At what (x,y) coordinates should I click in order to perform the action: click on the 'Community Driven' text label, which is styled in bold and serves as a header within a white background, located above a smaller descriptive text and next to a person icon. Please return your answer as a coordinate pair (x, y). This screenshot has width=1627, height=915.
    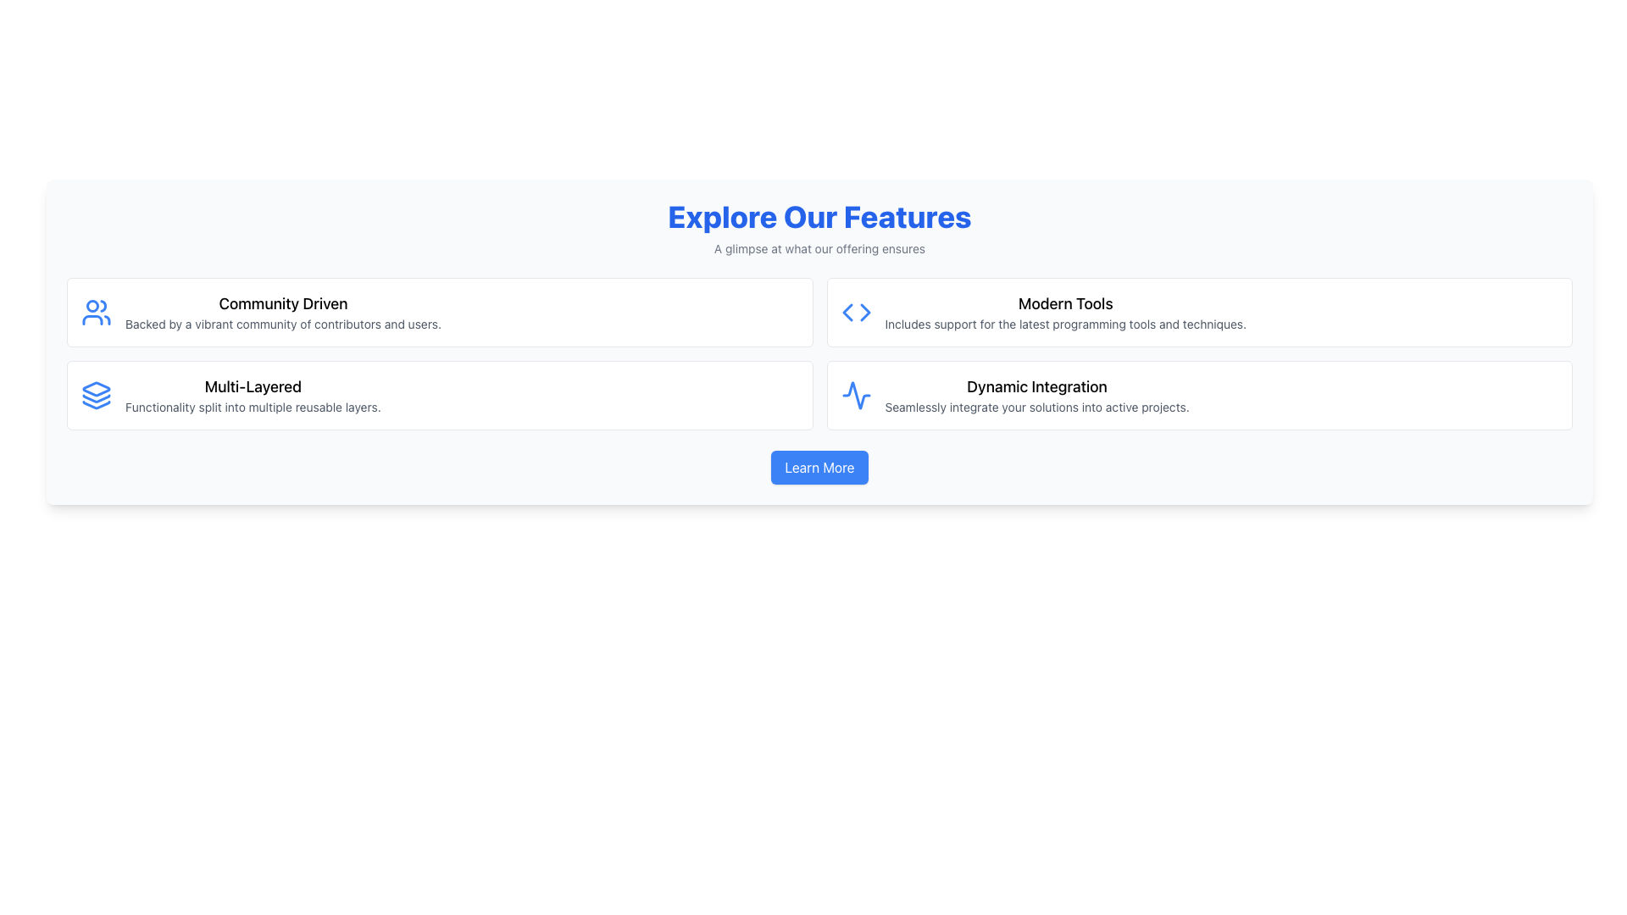
    Looking at the image, I should click on (283, 302).